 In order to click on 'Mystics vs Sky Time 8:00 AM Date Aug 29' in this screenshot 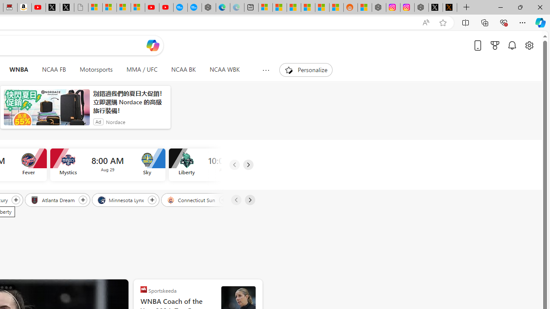, I will do `click(107, 165)`.